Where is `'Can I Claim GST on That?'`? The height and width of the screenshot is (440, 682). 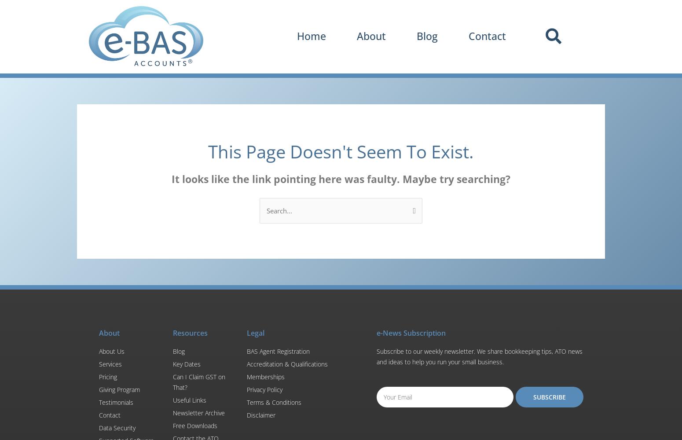 'Can I Claim GST on That?' is located at coordinates (199, 381).